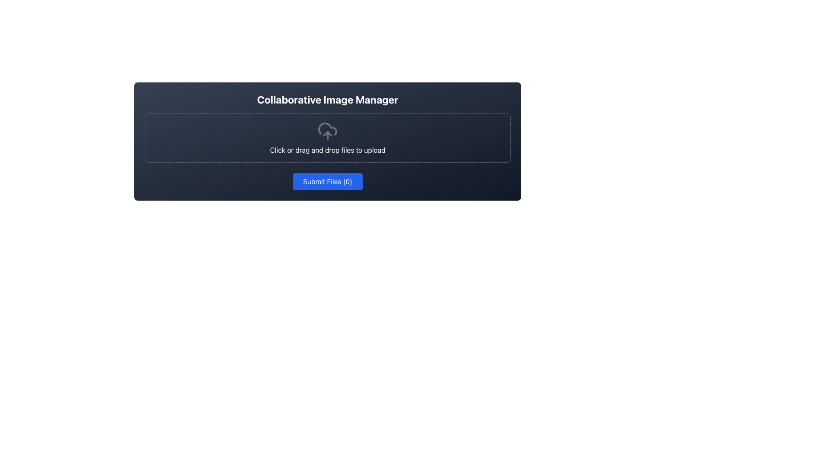 The image size is (829, 466). What do you see at coordinates (327, 149) in the screenshot?
I see `the informational text label that indicates interaction possibilities for the file upload section, which is located beneath the cloud upload icon and above the 'Submit Files (0)' button` at bounding box center [327, 149].